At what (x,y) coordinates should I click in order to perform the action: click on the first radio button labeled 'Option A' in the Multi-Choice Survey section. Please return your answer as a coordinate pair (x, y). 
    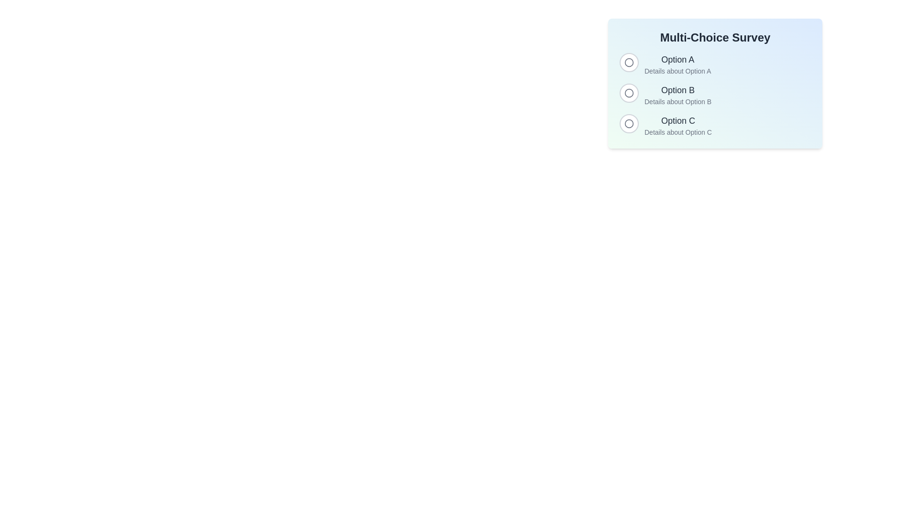
    Looking at the image, I should click on (665, 64).